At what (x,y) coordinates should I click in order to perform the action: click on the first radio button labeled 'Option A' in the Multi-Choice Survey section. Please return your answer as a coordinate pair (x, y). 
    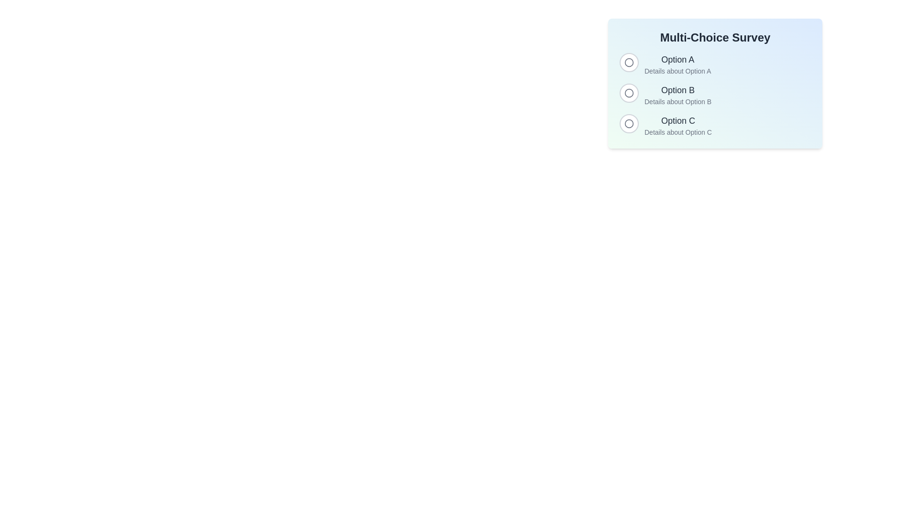
    Looking at the image, I should click on (665, 64).